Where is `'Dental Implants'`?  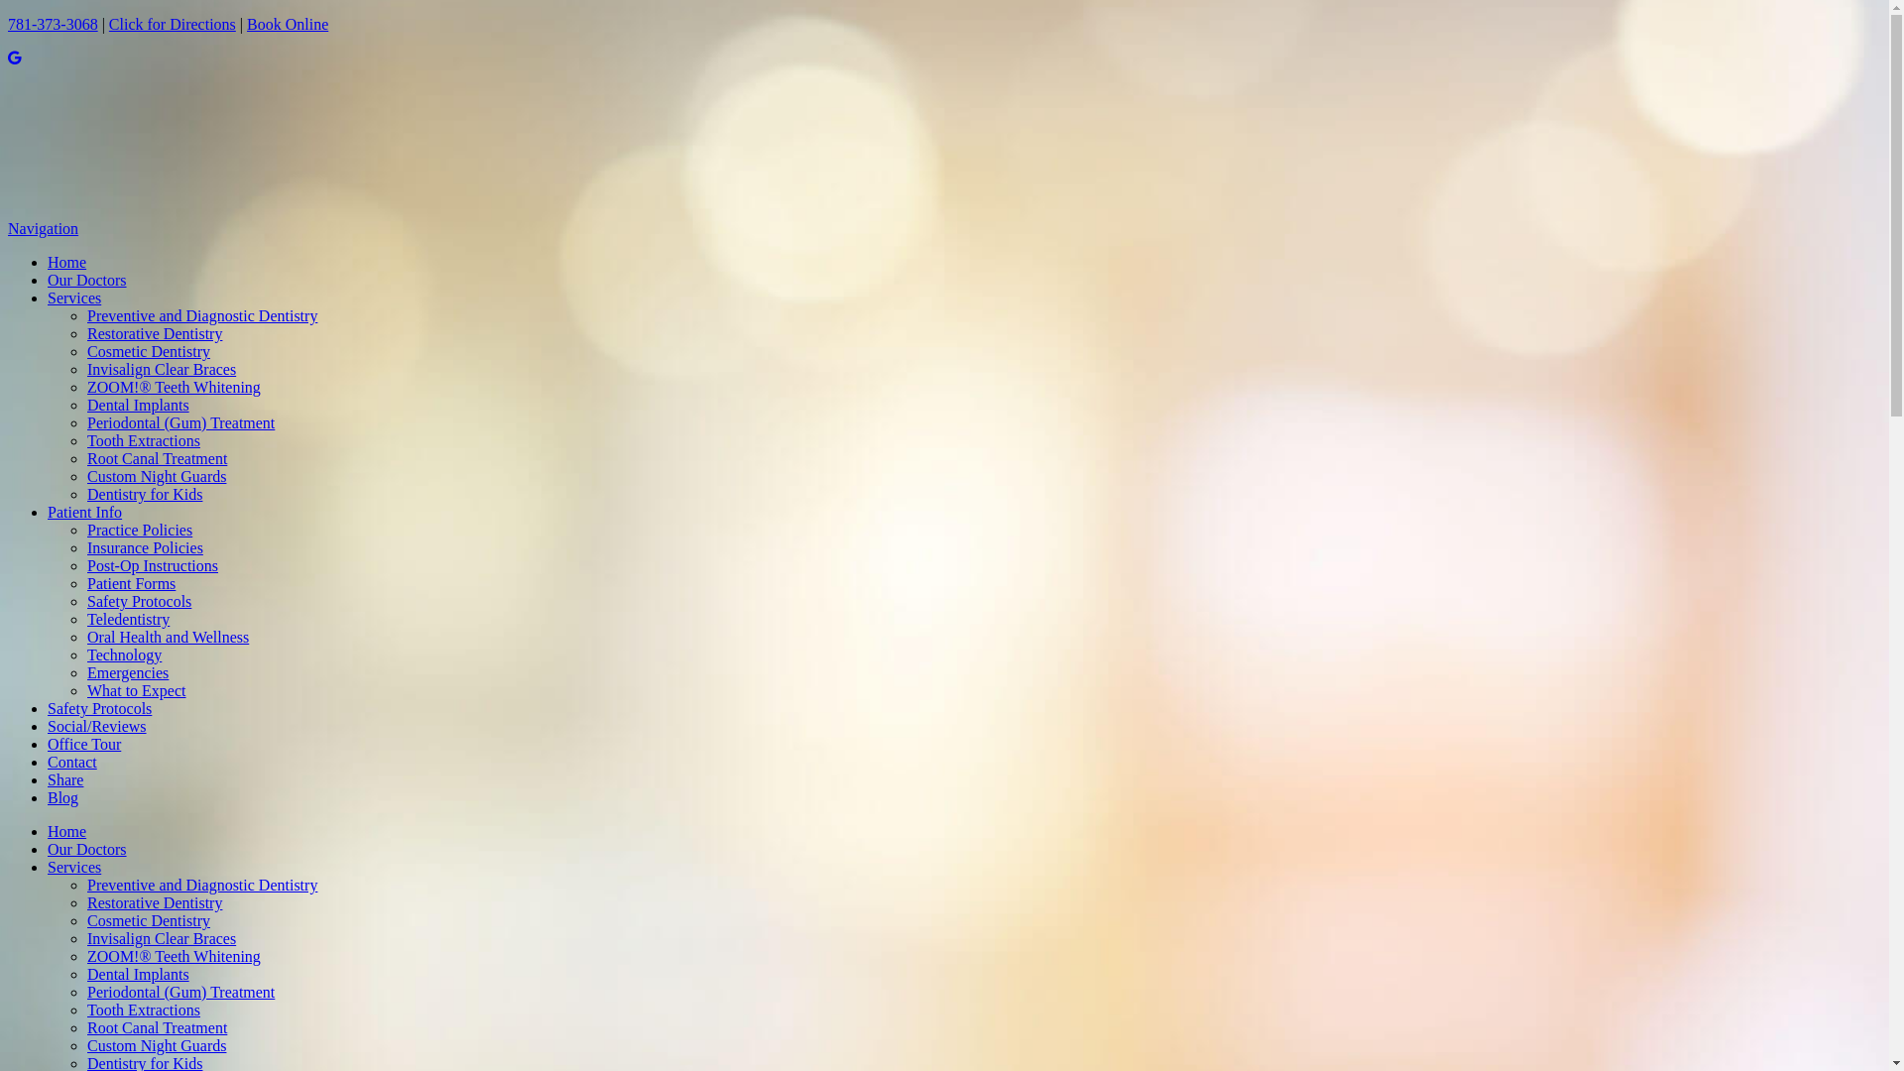 'Dental Implants' is located at coordinates (137, 973).